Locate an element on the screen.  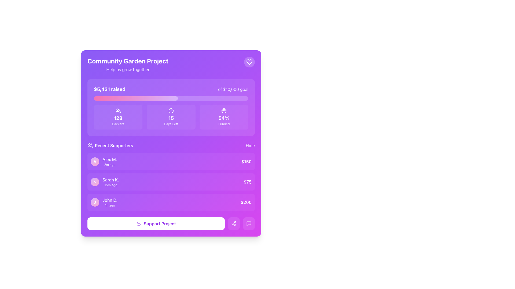
the bold white text displaying the amount '$200' in the bottom-right corner of the 'Recent Supporters' list, which is set against a purple background is located at coordinates (246, 202).